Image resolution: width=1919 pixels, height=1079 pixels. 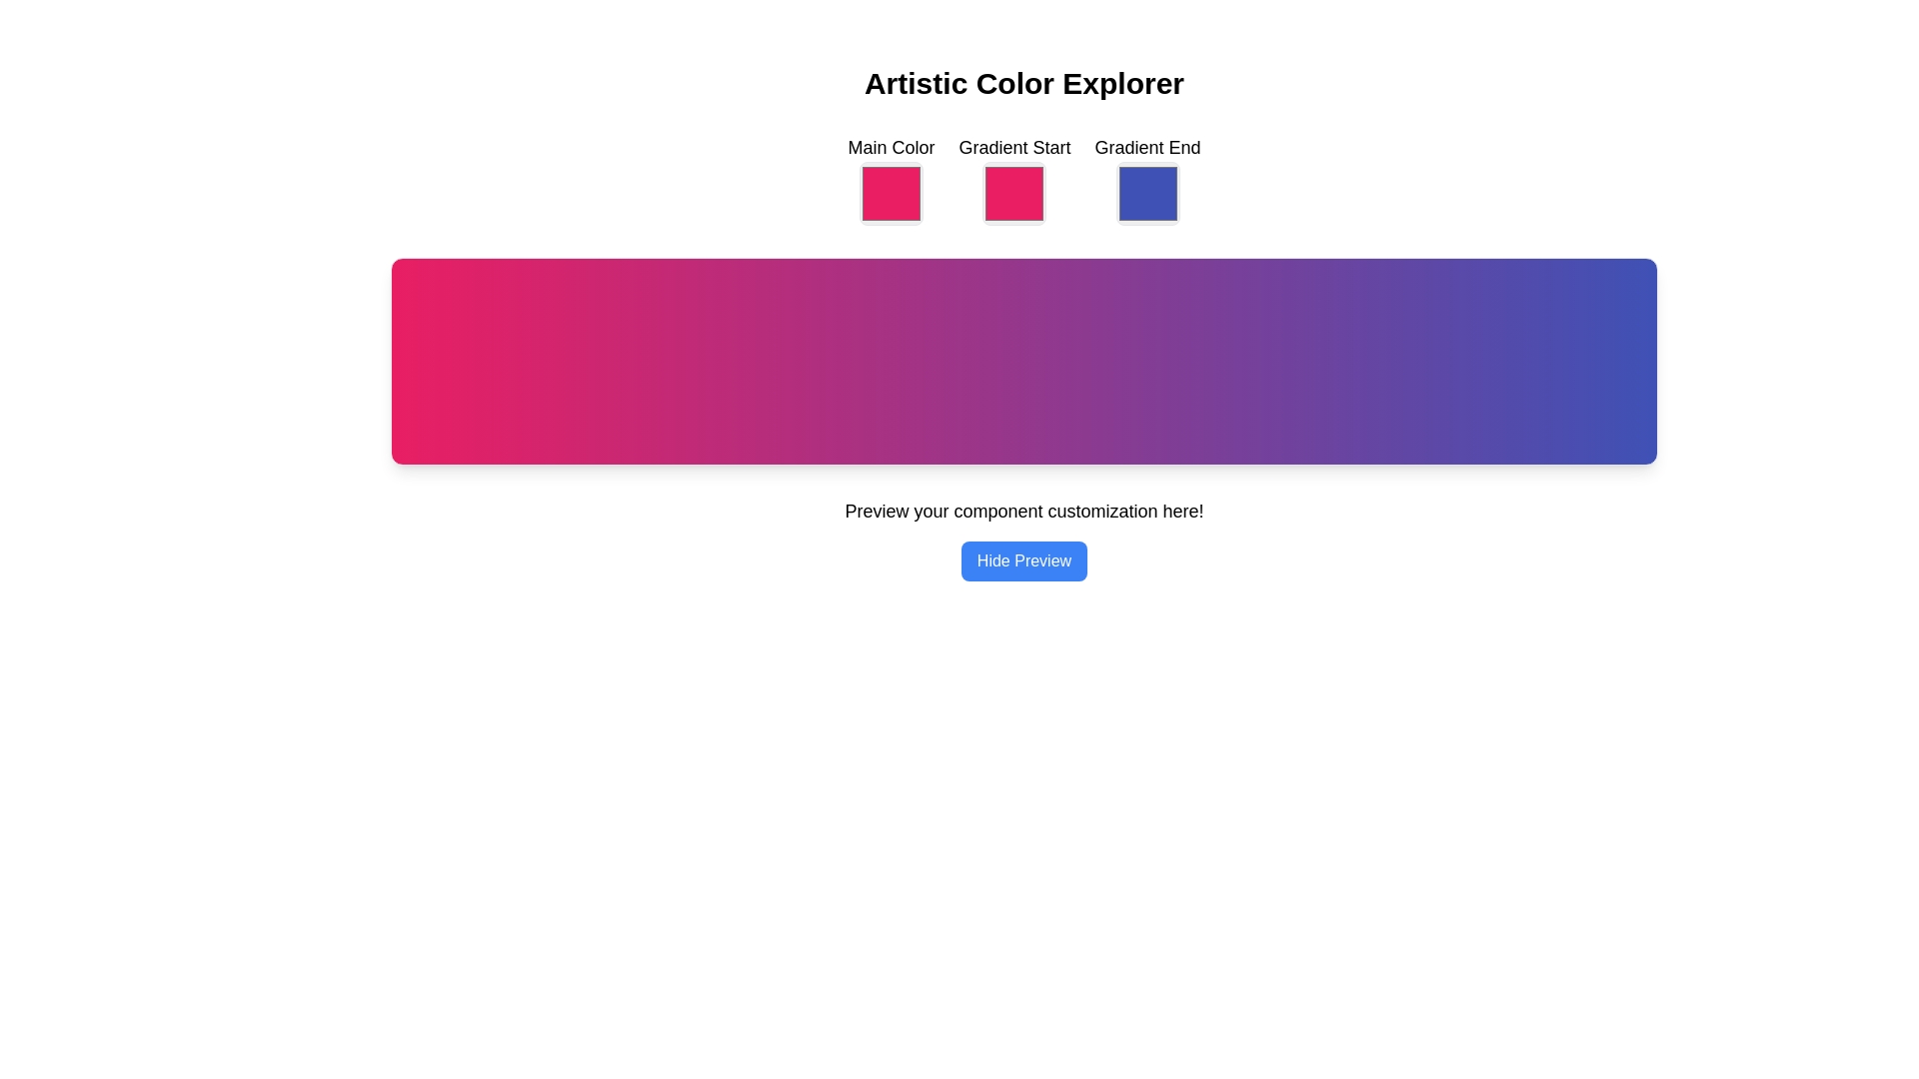 I want to click on the 'Gradient End' color picker square, which is the rightmost square with a blue fill and a light gray border, so click(x=1147, y=180).